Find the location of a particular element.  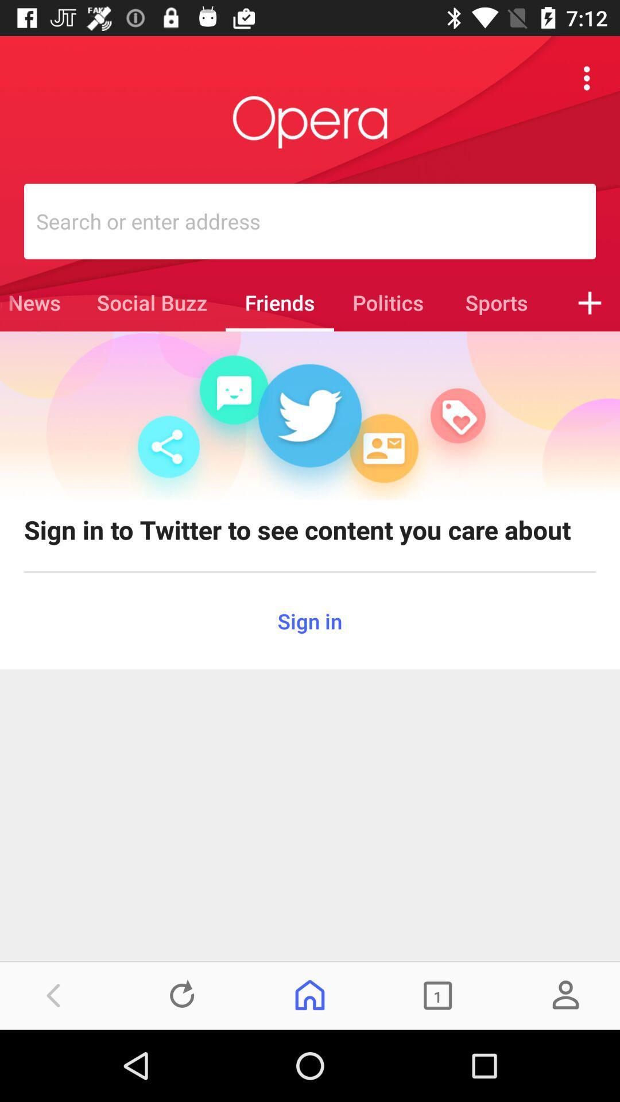

the add icon is located at coordinates (590, 302).